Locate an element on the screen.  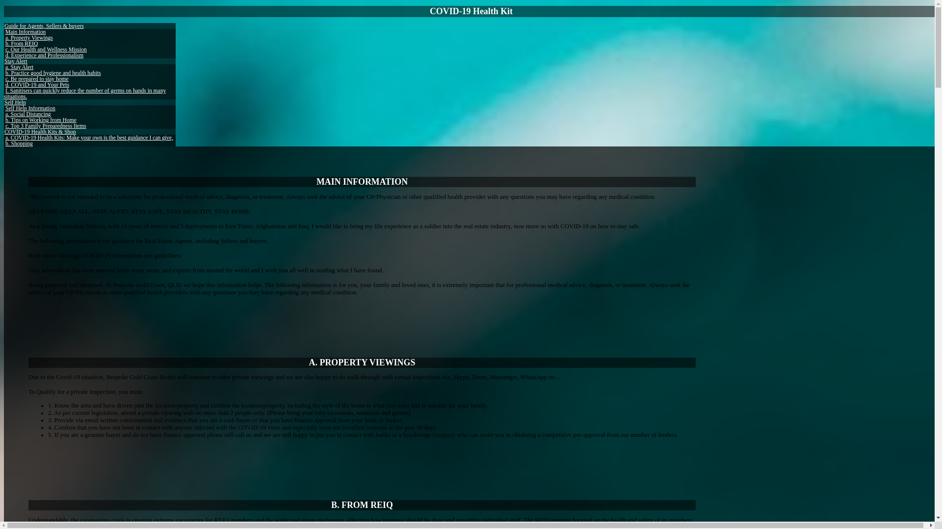
'Stay Alert' is located at coordinates (16, 61).